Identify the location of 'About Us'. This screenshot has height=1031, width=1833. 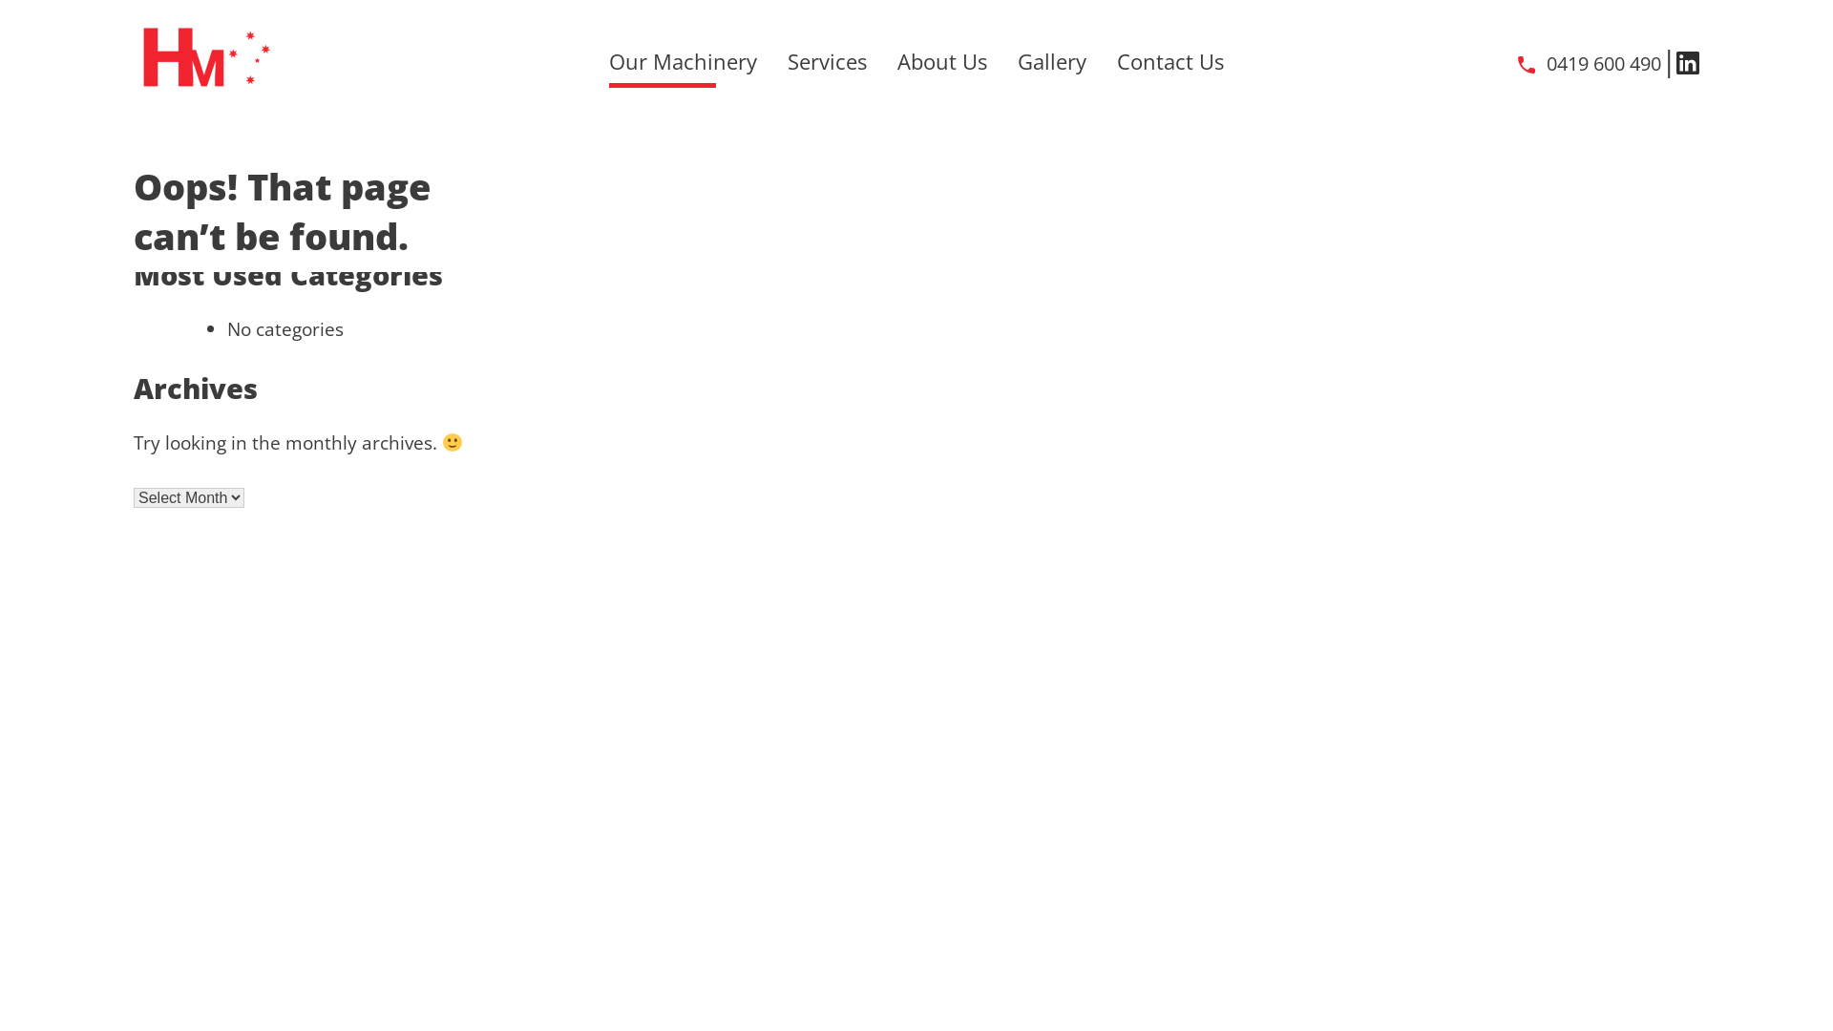
(942, 60).